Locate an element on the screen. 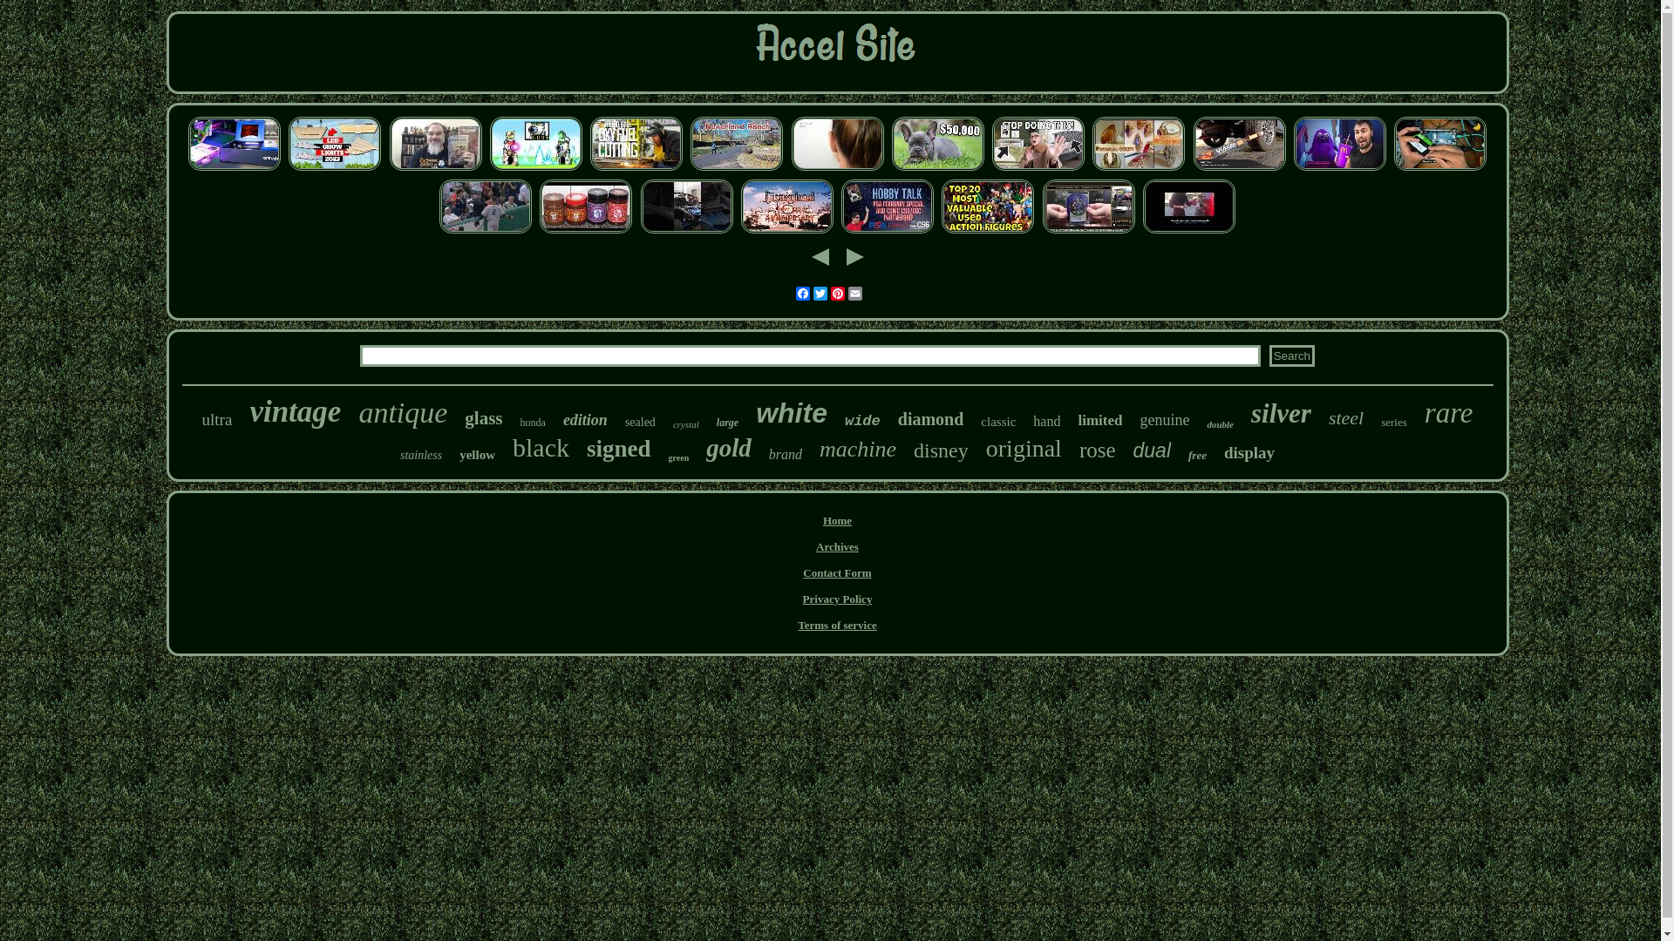  'Twitter' is located at coordinates (810, 292).